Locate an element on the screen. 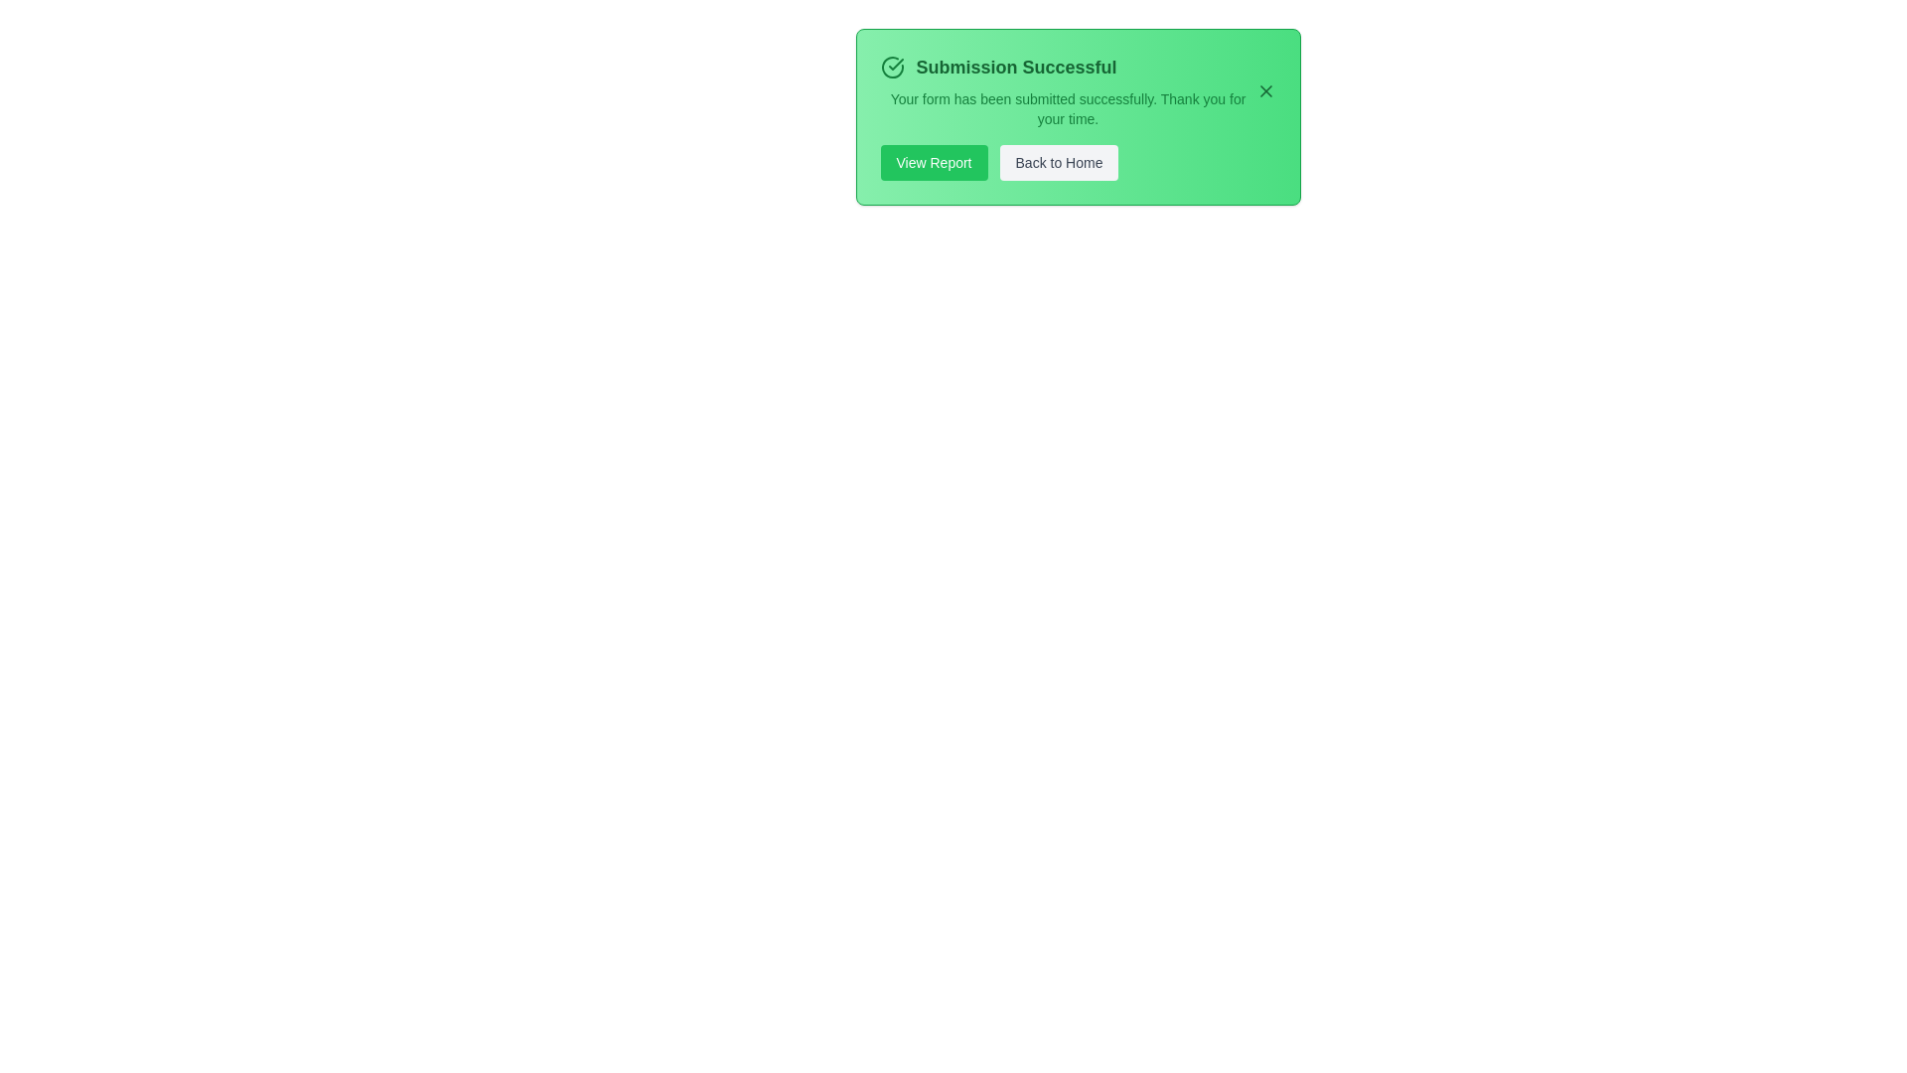  the 'Back to Home' button is located at coordinates (1058, 162).